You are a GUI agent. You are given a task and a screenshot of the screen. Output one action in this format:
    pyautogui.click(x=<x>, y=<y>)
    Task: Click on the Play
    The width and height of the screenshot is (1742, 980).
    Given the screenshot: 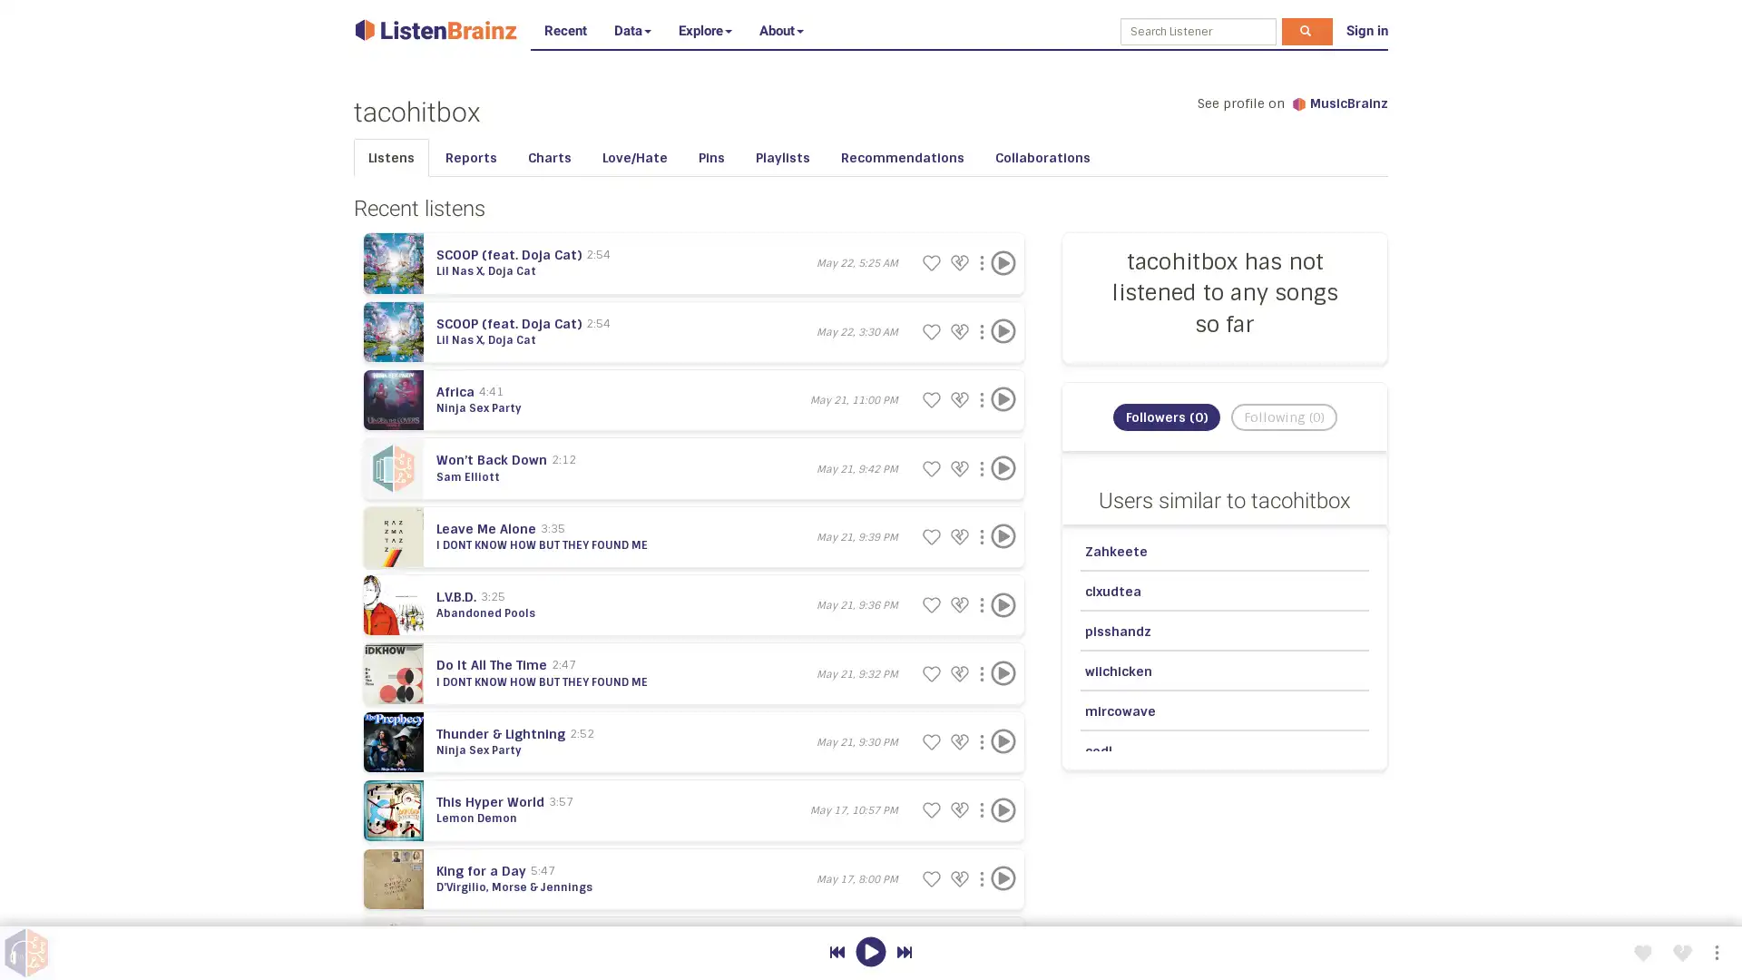 What is the action you would take?
    pyautogui.click(x=1002, y=741)
    